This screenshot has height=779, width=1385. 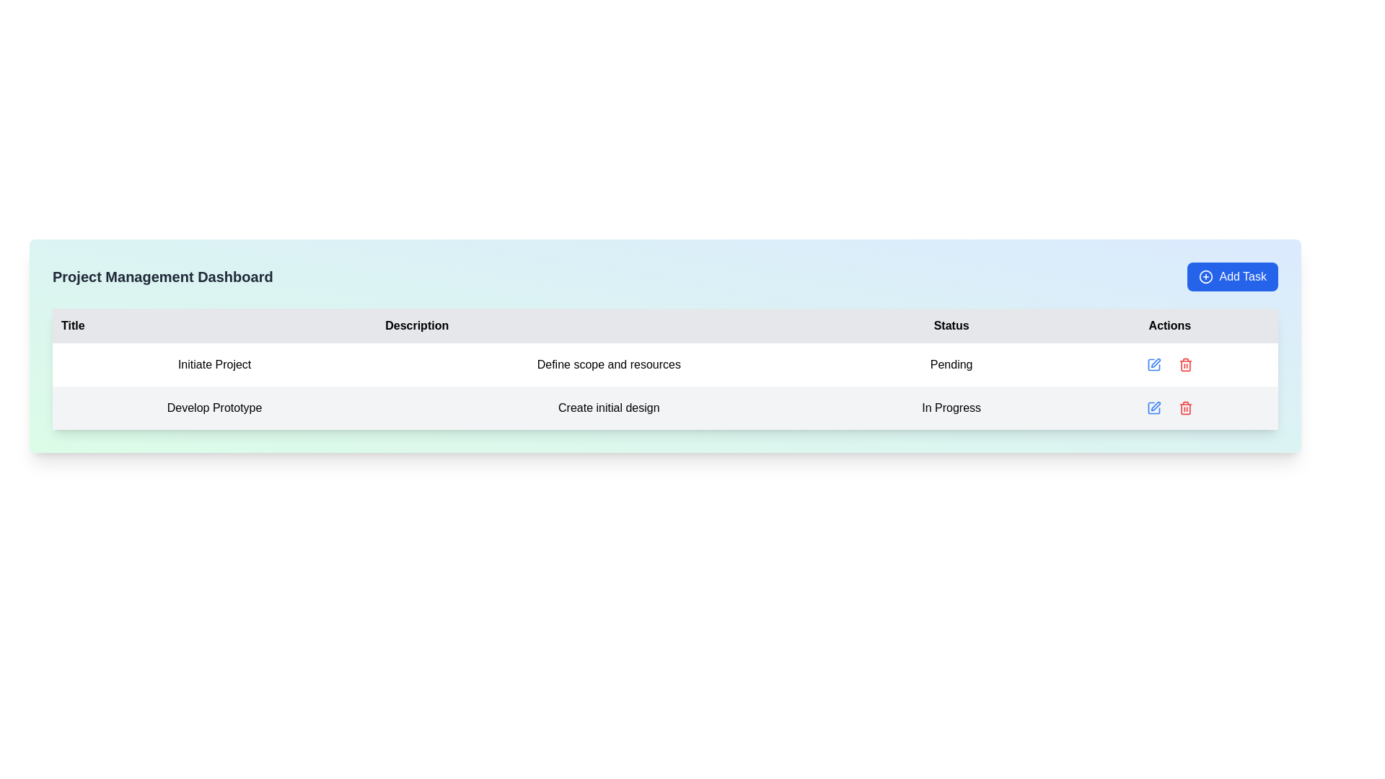 What do you see at coordinates (1206, 277) in the screenshot?
I see `the blue circular icon with a white cross in the center, which is part of the 'Add Task' button located in the upper-right corner of the interface` at bounding box center [1206, 277].